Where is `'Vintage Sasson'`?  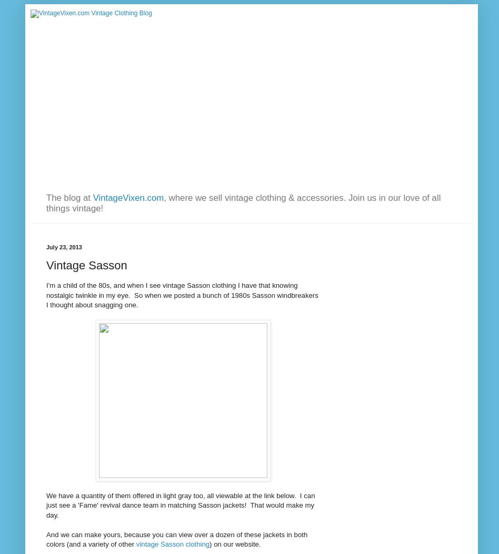
'Vintage Sasson' is located at coordinates (86, 265).